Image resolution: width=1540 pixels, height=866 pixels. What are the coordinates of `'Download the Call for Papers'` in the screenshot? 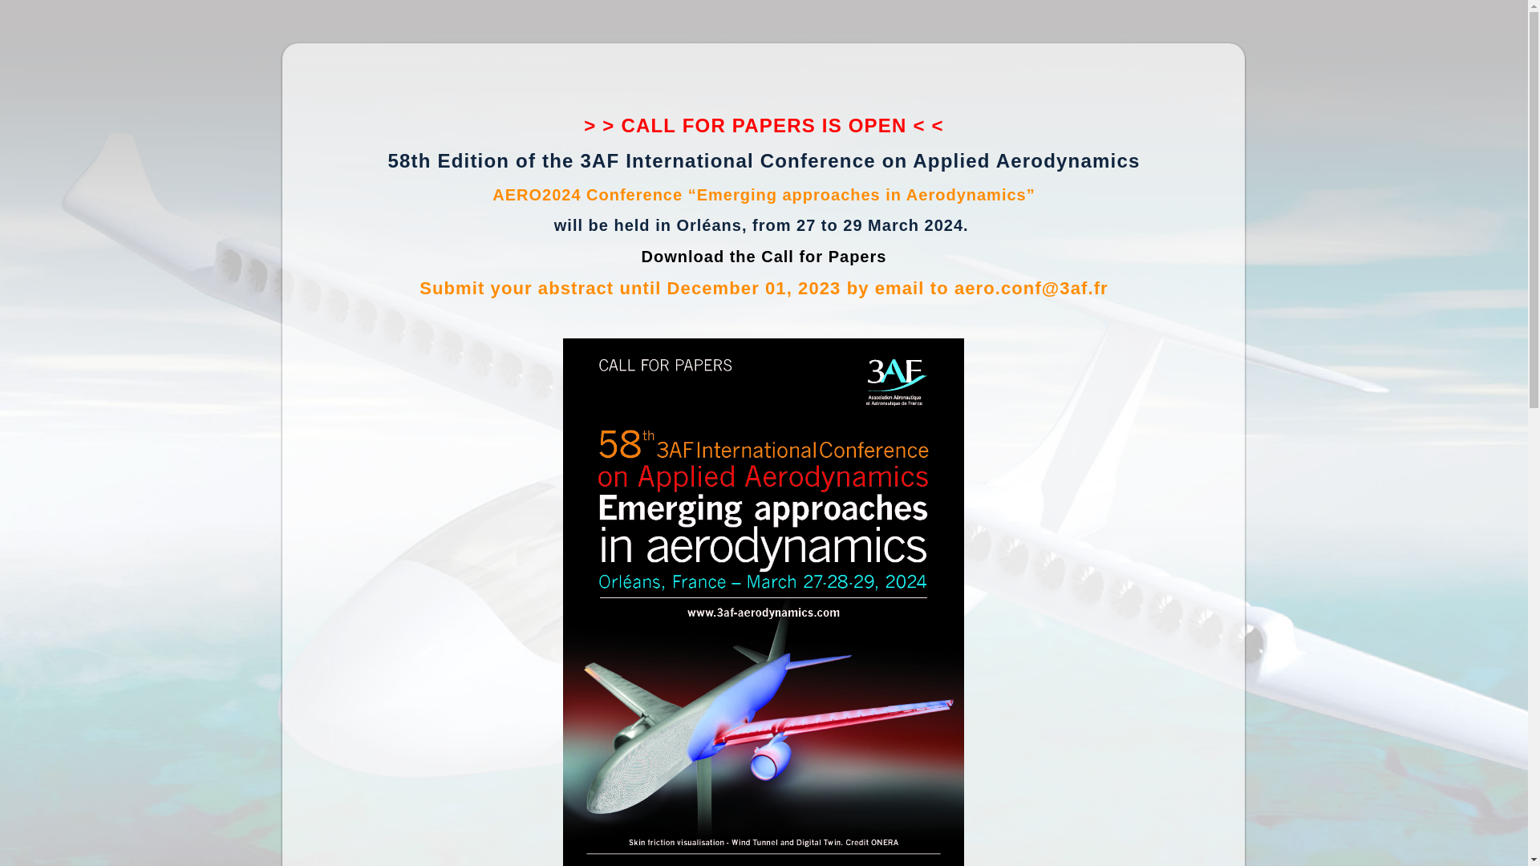 It's located at (764, 256).